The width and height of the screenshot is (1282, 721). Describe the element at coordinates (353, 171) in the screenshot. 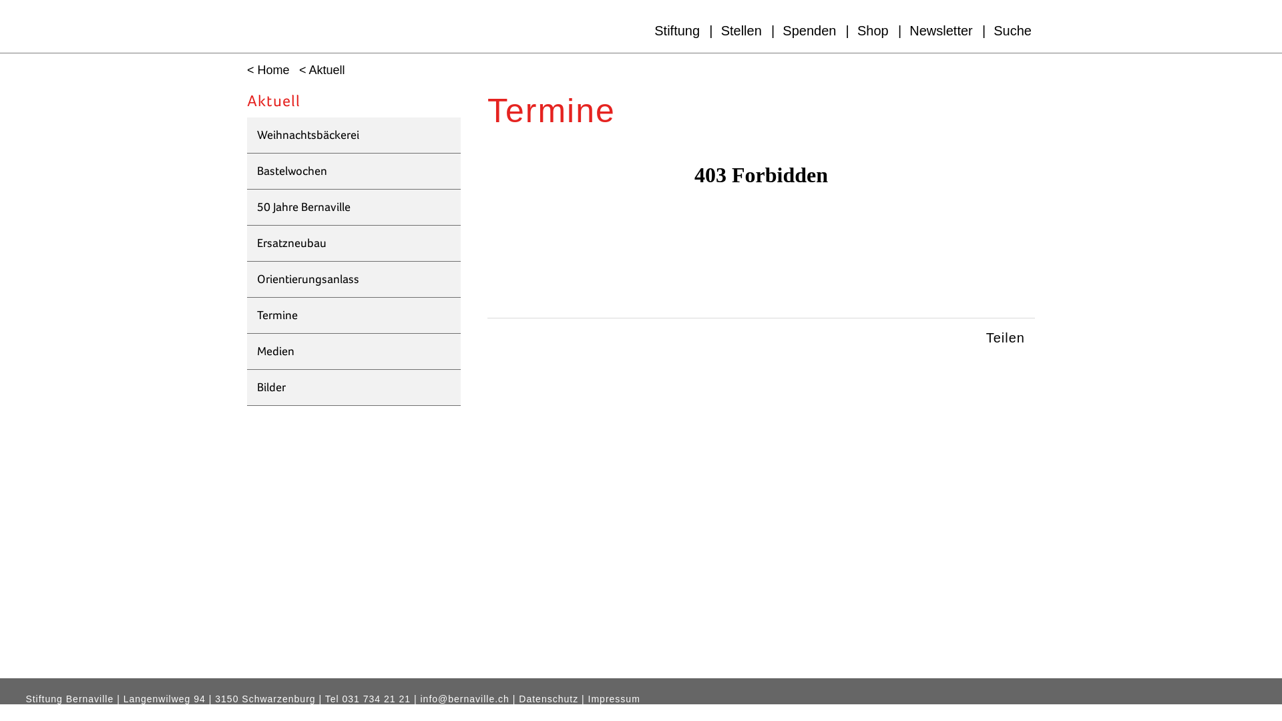

I see `'Bastelwochen'` at that location.